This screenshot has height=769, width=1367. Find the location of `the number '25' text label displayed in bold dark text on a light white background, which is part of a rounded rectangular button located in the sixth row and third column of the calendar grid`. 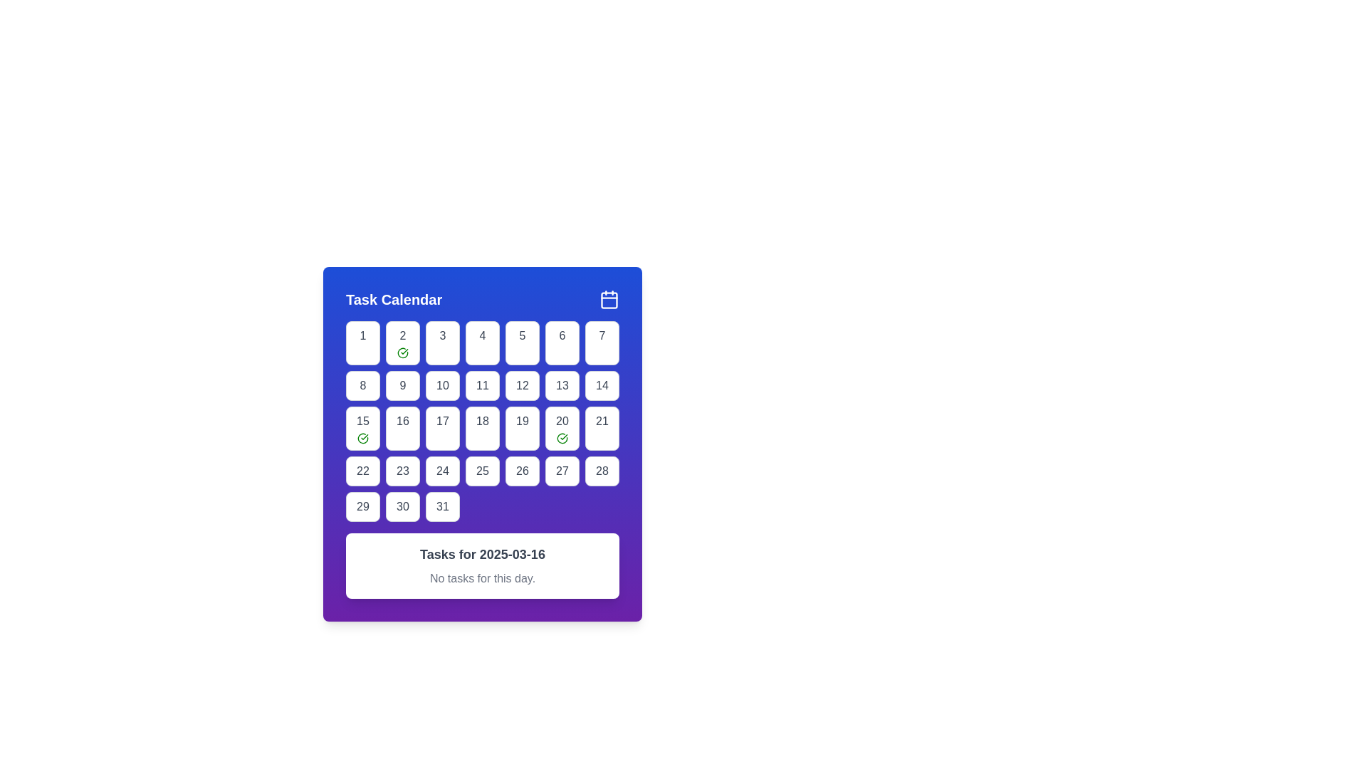

the number '25' text label displayed in bold dark text on a light white background, which is part of a rounded rectangular button located in the sixth row and third column of the calendar grid is located at coordinates (482, 471).